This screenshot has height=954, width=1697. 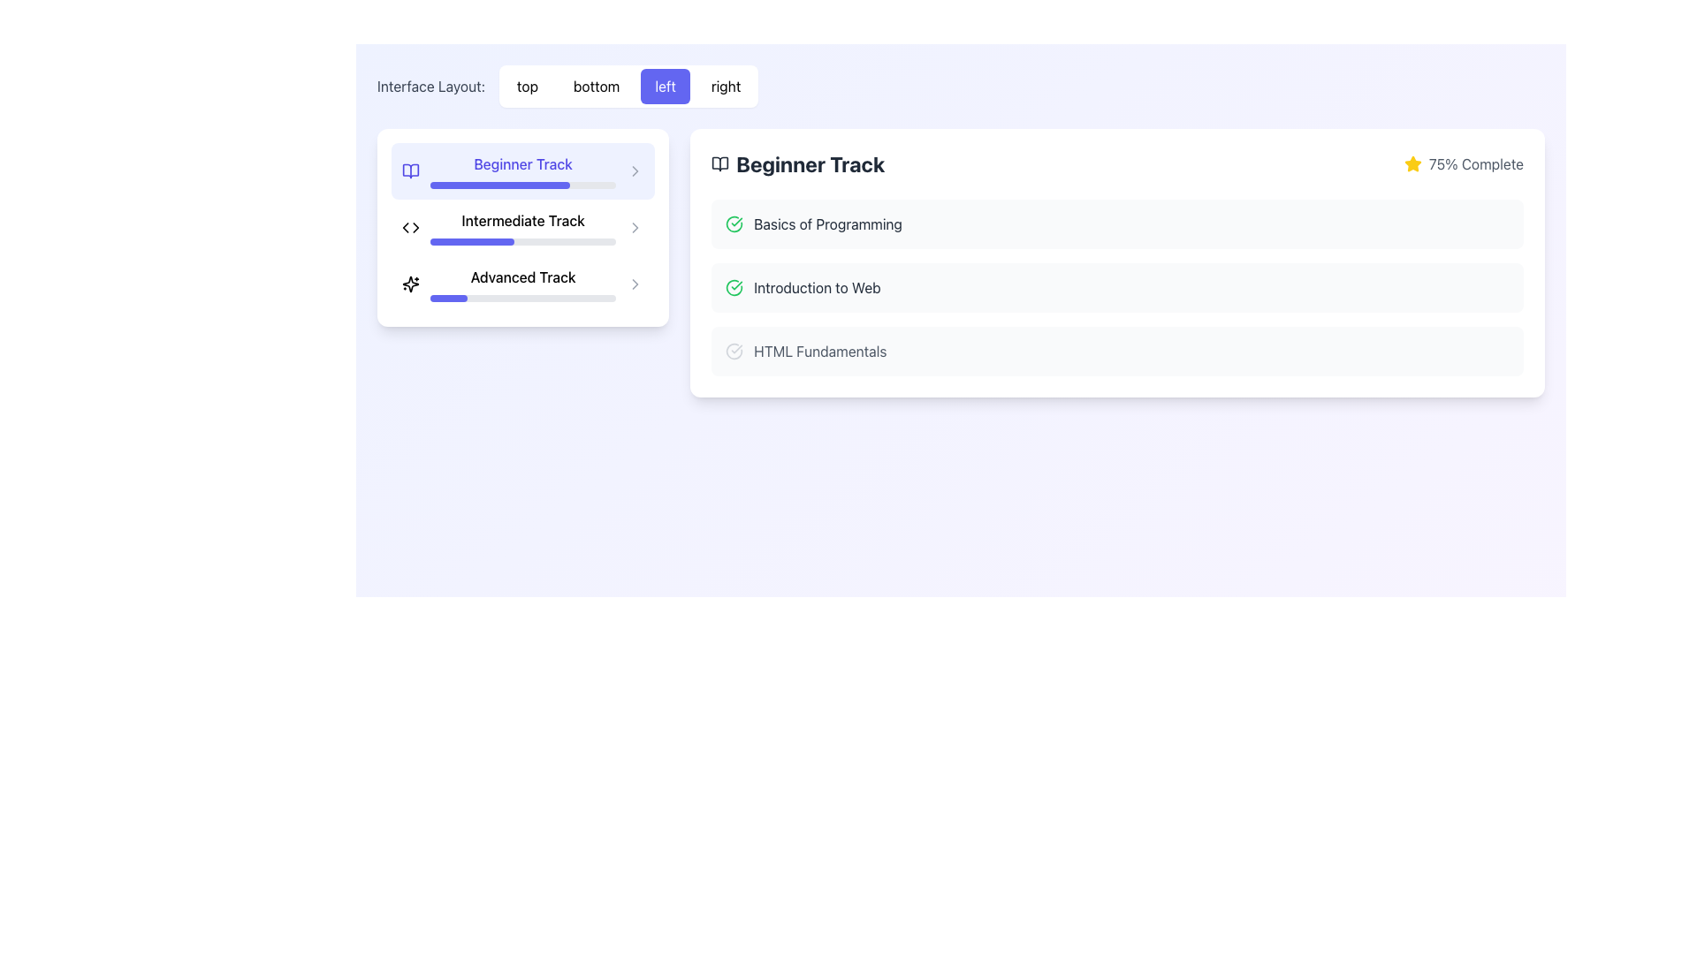 What do you see at coordinates (734, 223) in the screenshot?
I see `the green circular checkmark icon positioned to the left of the 'Basics of Programming' text in the horizontal alignment structure` at bounding box center [734, 223].